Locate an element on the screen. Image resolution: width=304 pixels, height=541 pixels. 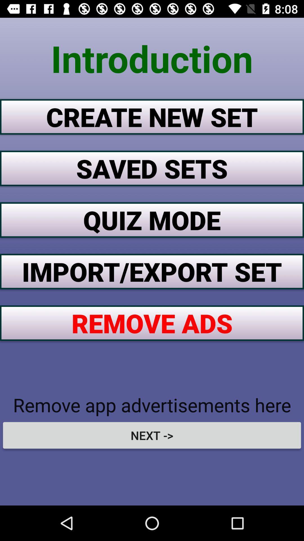
next -> is located at coordinates (152, 435).